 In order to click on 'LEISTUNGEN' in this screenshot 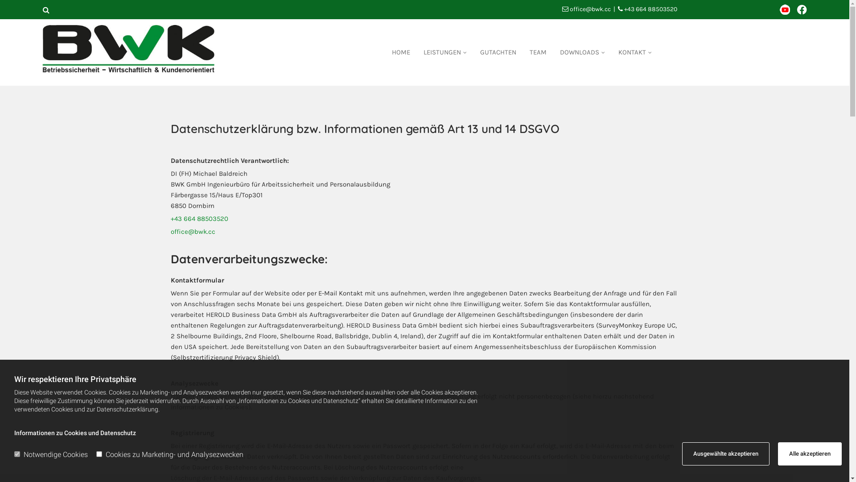, I will do `click(445, 52)`.